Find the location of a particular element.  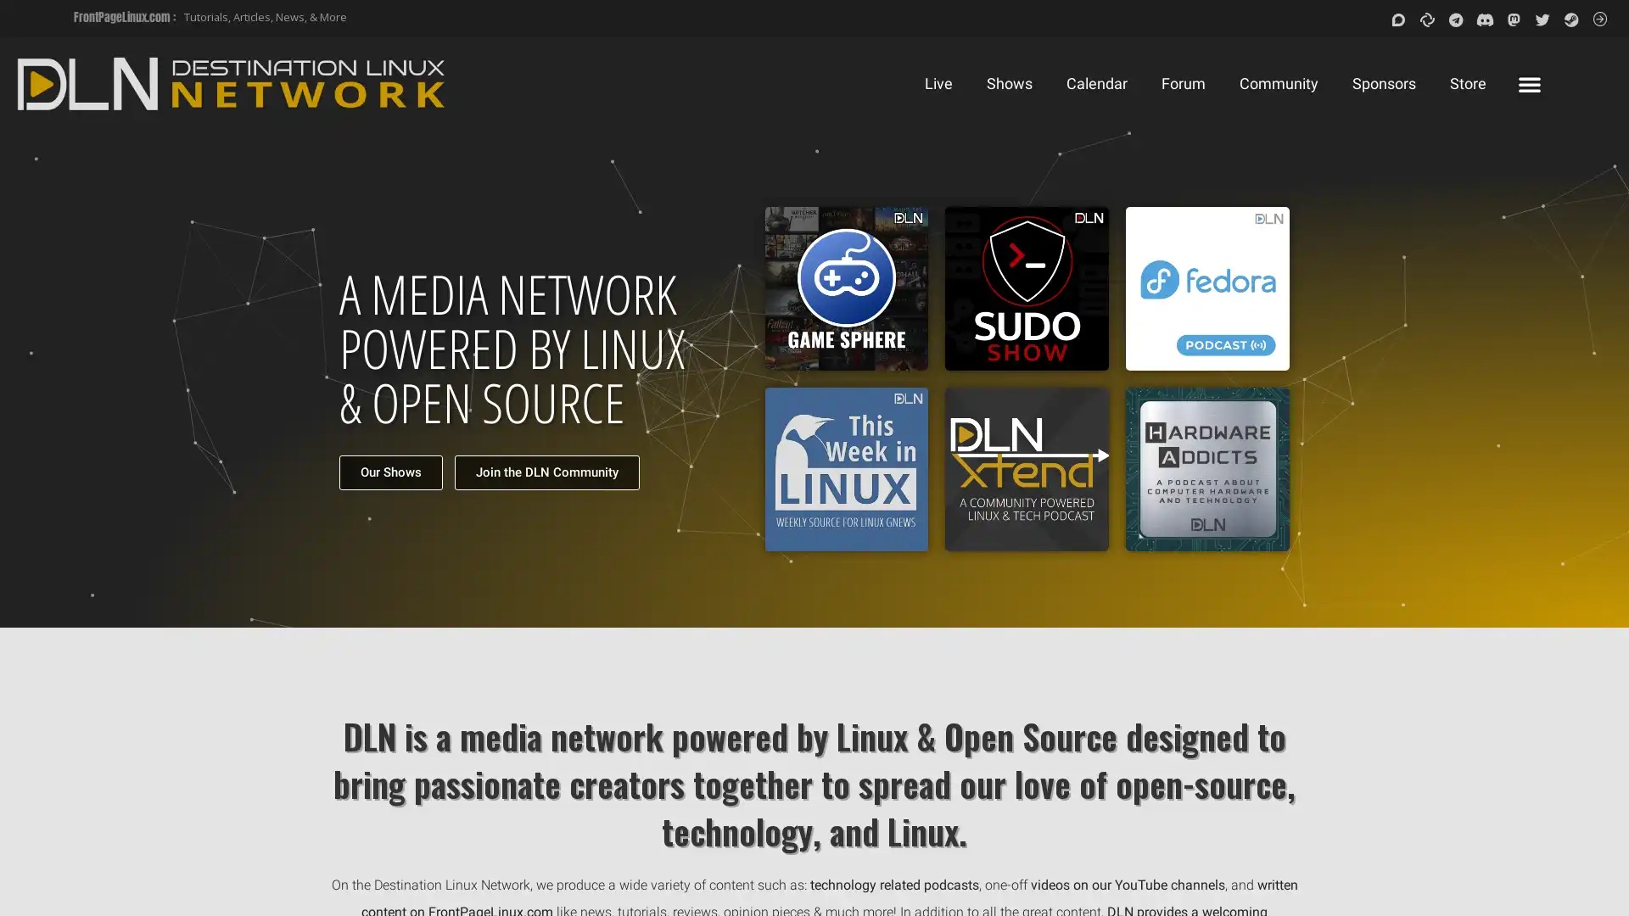

Our Shows is located at coordinates (389, 472).